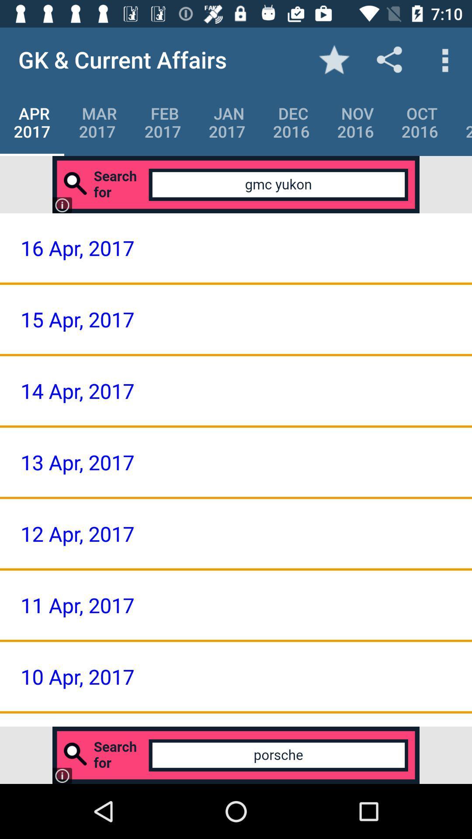 The width and height of the screenshot is (472, 839). What do you see at coordinates (419, 122) in the screenshot?
I see `item to the left of  sep` at bounding box center [419, 122].